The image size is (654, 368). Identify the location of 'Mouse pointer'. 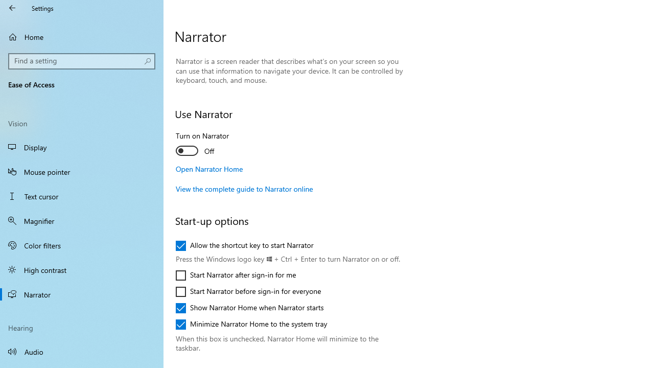
(82, 171).